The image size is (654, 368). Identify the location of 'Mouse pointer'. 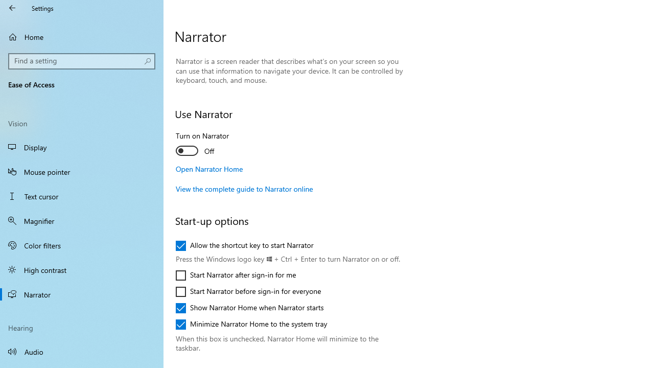
(82, 171).